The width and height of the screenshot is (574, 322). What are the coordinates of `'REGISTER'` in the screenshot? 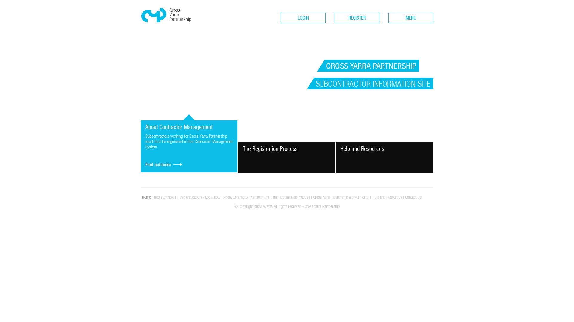 It's located at (357, 17).